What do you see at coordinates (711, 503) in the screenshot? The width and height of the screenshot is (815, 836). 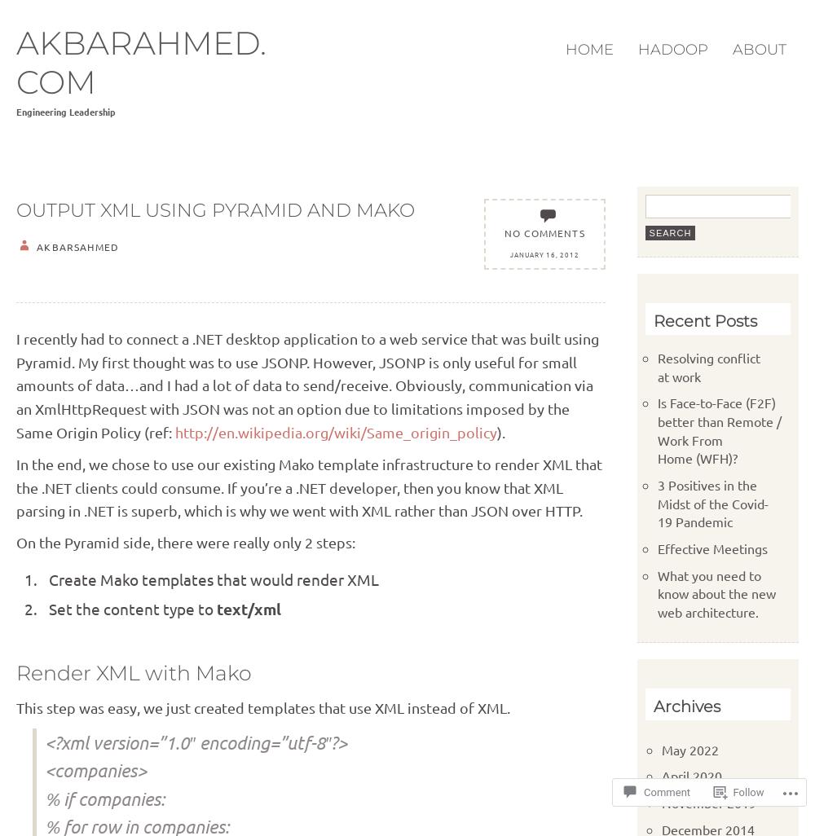 I see `'3 Positives in the Midst of the Covid-19 Pandemic'` at bounding box center [711, 503].